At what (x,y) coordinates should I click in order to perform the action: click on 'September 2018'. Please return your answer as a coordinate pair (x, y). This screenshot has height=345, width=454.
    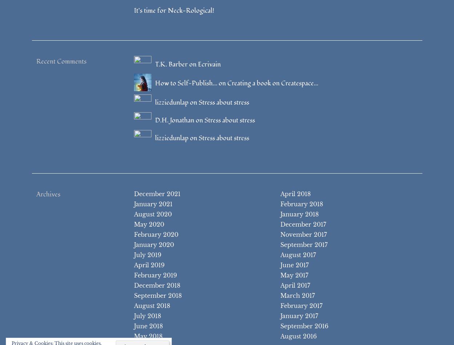
    Looking at the image, I should click on (158, 295).